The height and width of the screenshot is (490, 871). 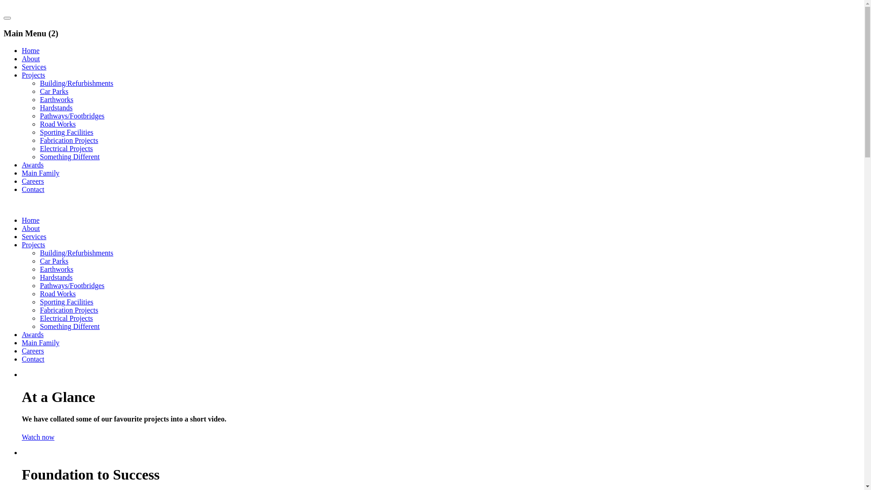 I want to click on 'Hardstands', so click(x=56, y=277).